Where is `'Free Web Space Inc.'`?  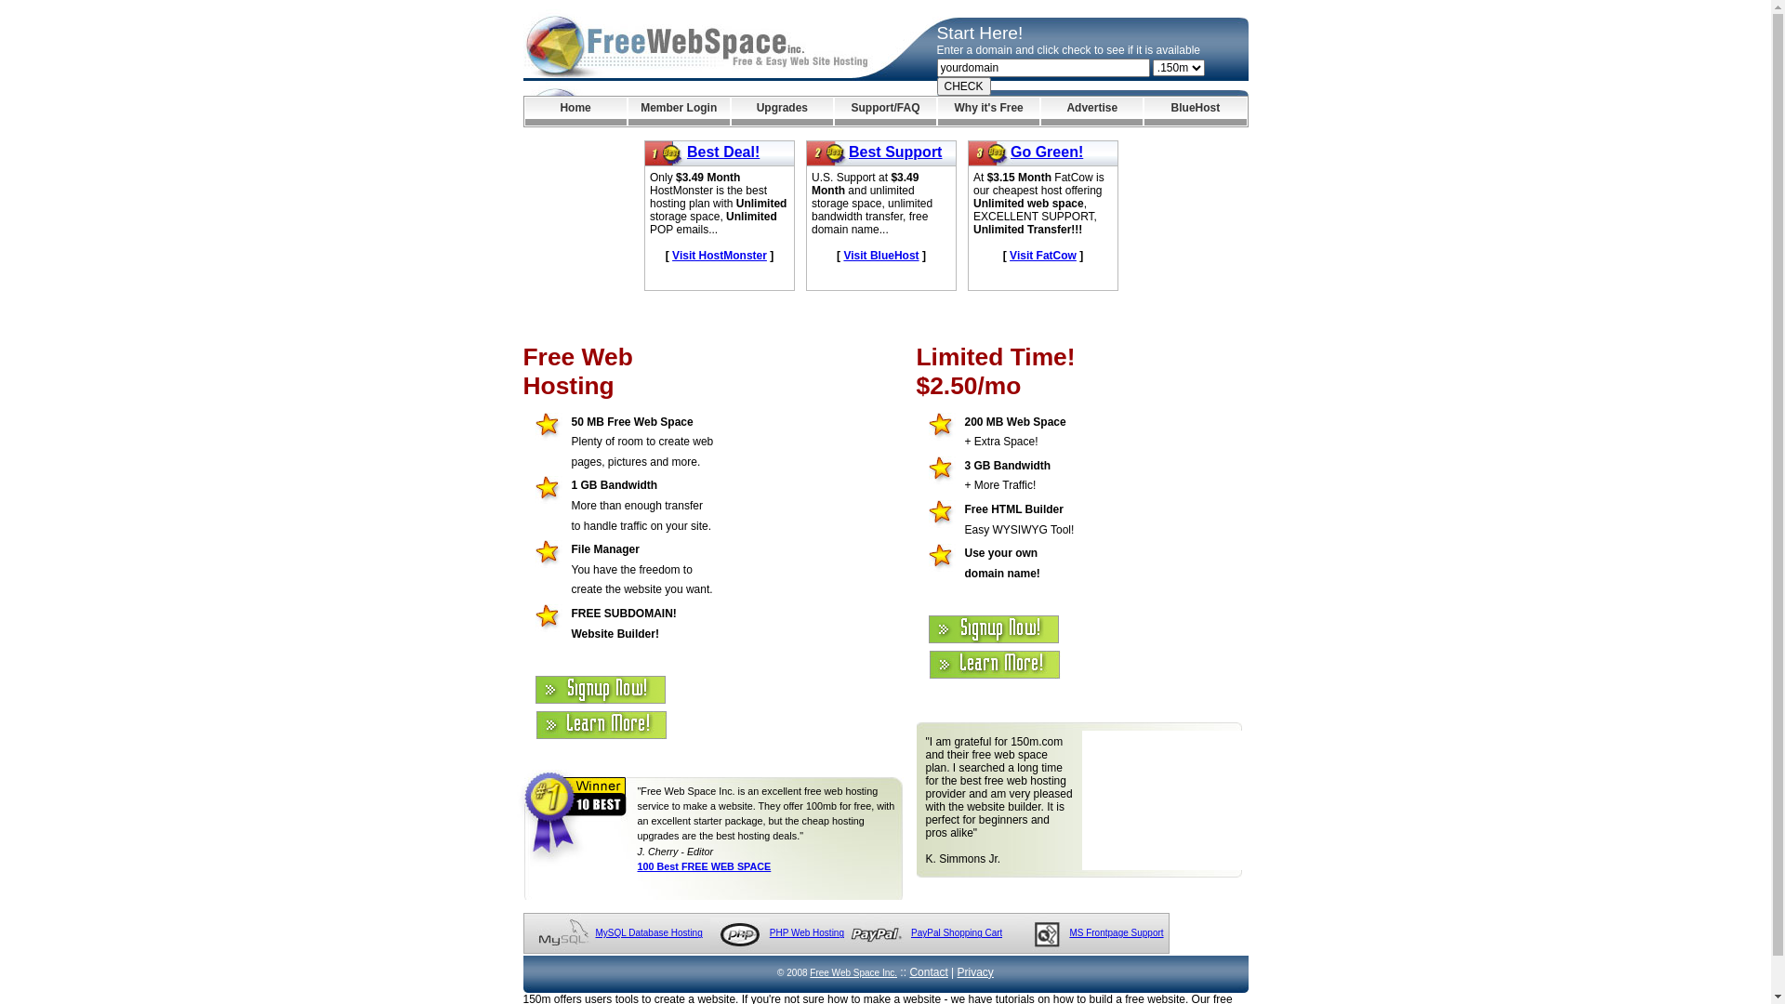
'Free Web Space Inc.' is located at coordinates (809, 971).